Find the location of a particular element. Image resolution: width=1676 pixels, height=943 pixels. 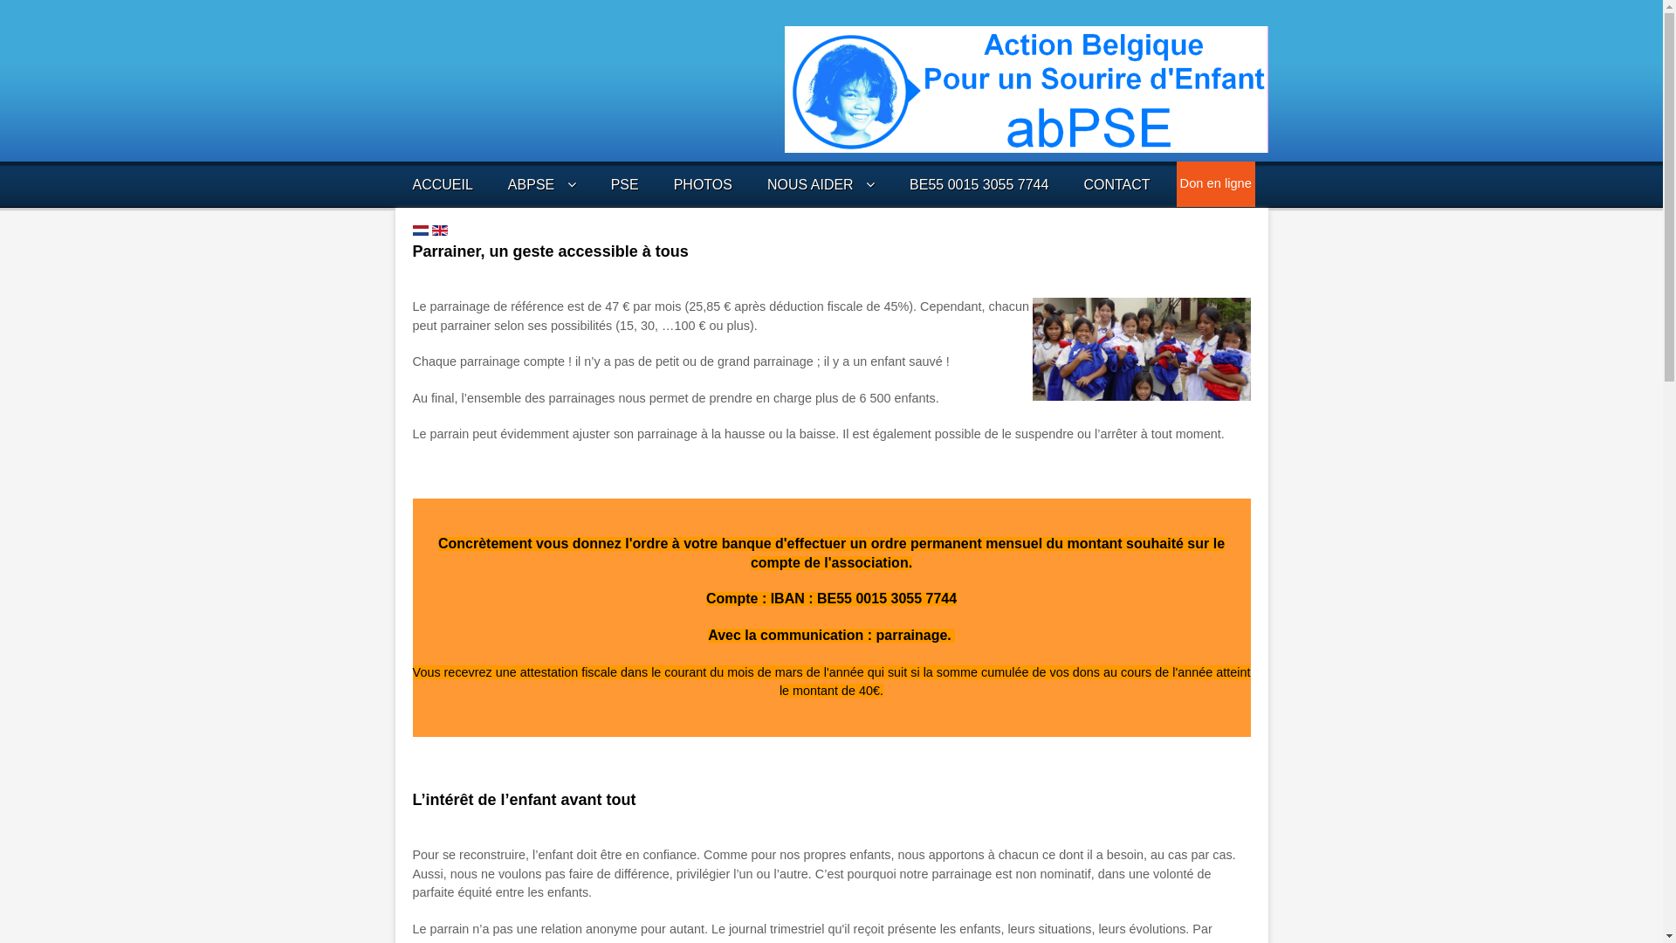

'NOUS AIDER' is located at coordinates (820, 184).